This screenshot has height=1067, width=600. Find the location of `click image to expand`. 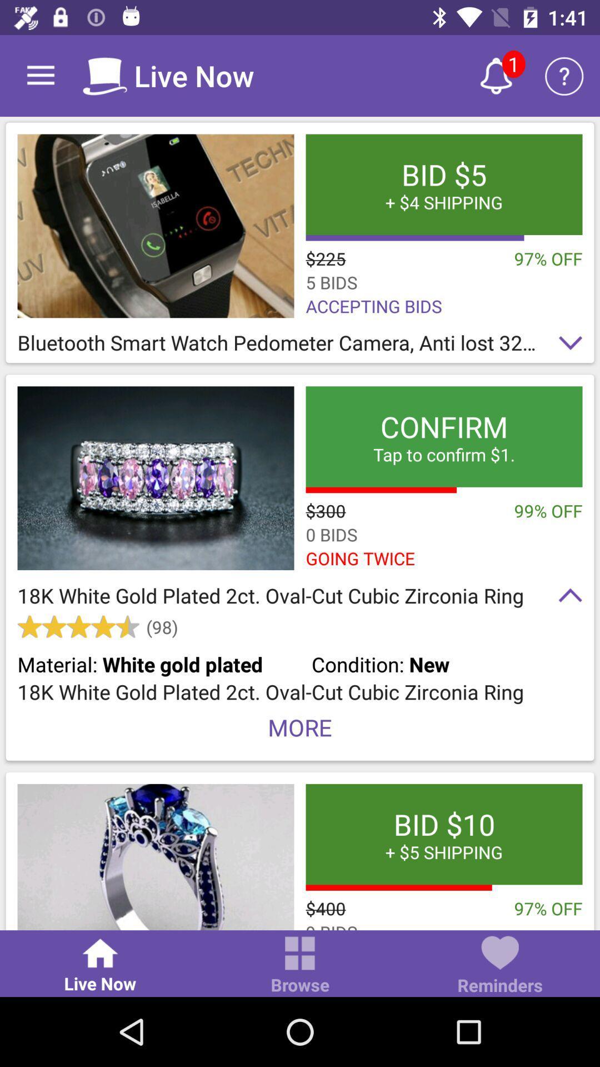

click image to expand is located at coordinates (156, 225).